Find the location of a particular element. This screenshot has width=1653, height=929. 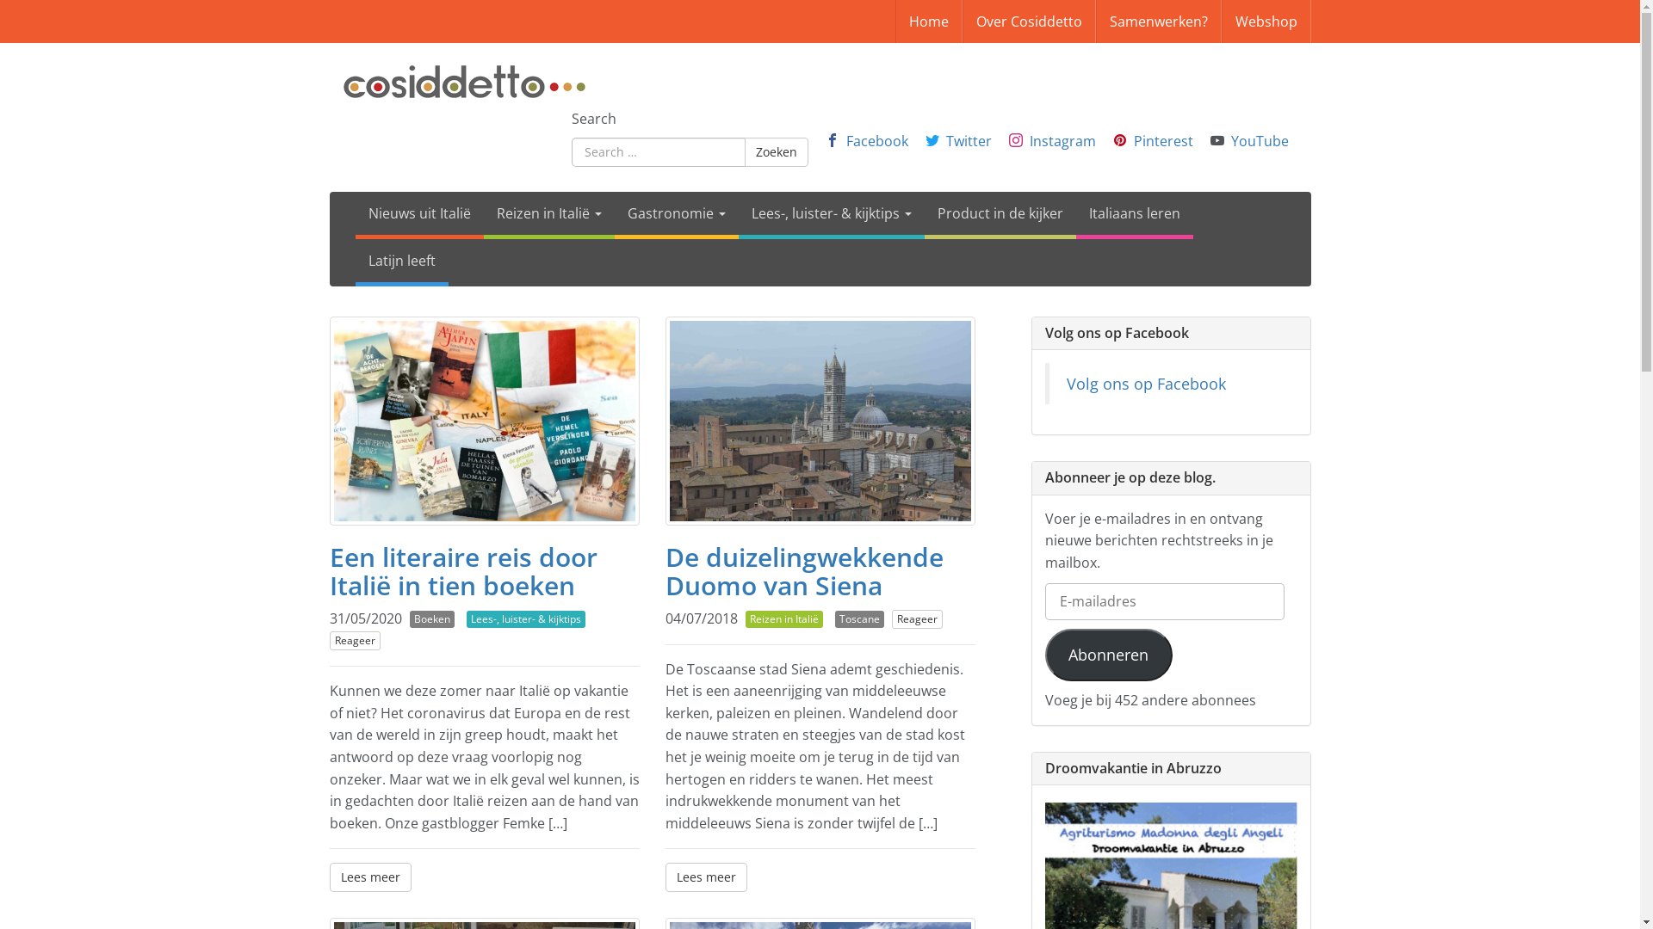

'Italiaans leren' is located at coordinates (1135, 214).